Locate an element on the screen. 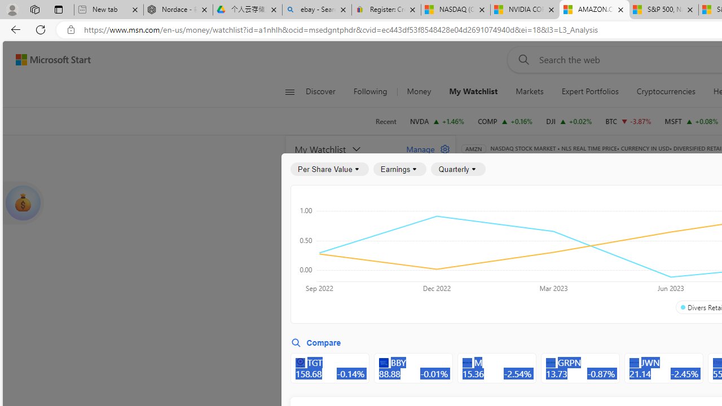 The height and width of the screenshot is (406, 722). 'Money' is located at coordinates (419, 91).